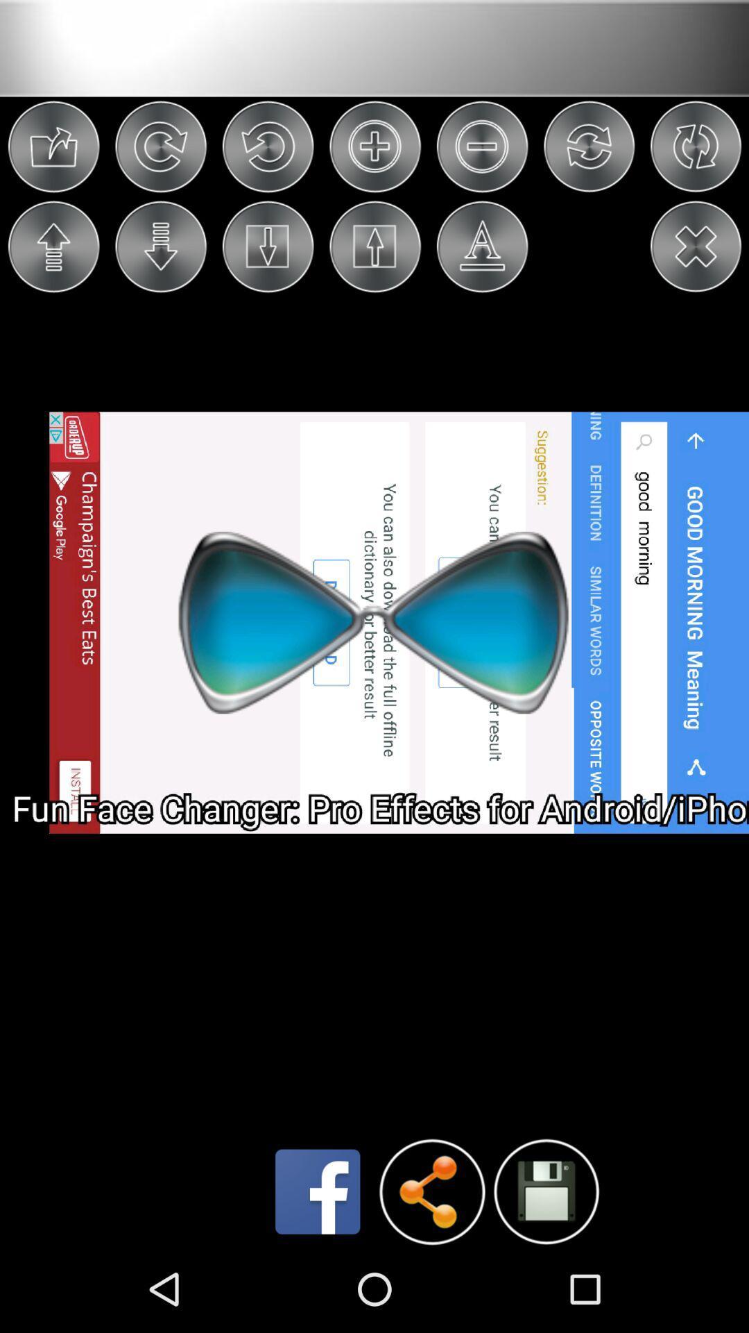 This screenshot has height=1333, width=749. What do you see at coordinates (545, 1275) in the screenshot?
I see `the save icon` at bounding box center [545, 1275].